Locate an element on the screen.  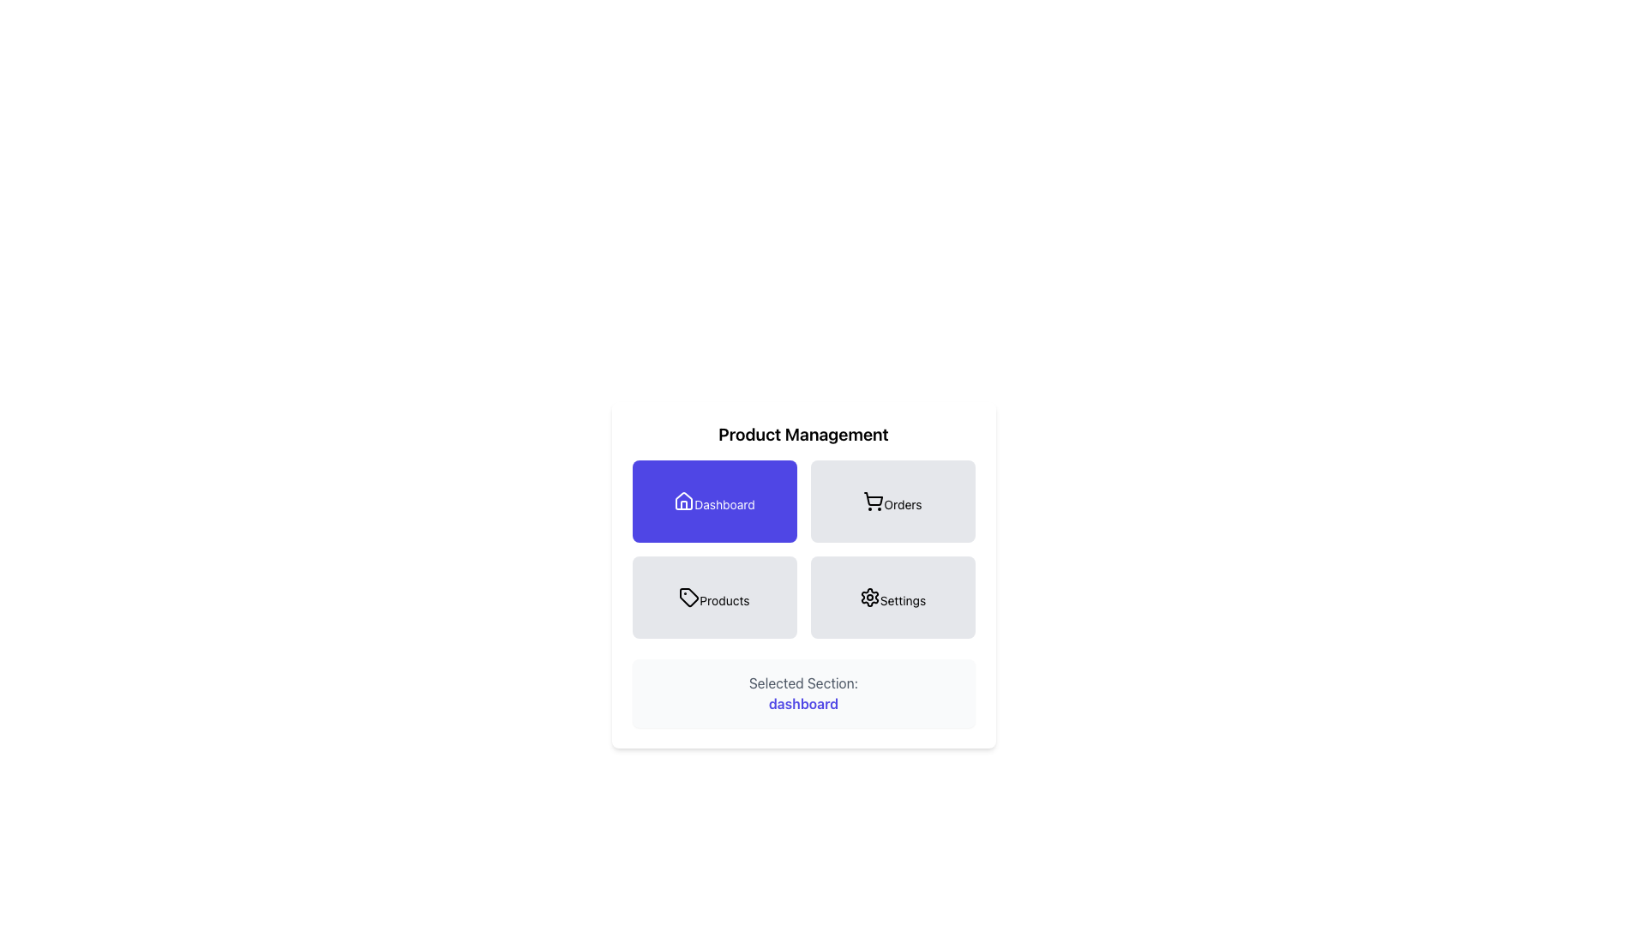
the price tag icon located in the 'Products' section under 'Product Management' is located at coordinates (689, 597).